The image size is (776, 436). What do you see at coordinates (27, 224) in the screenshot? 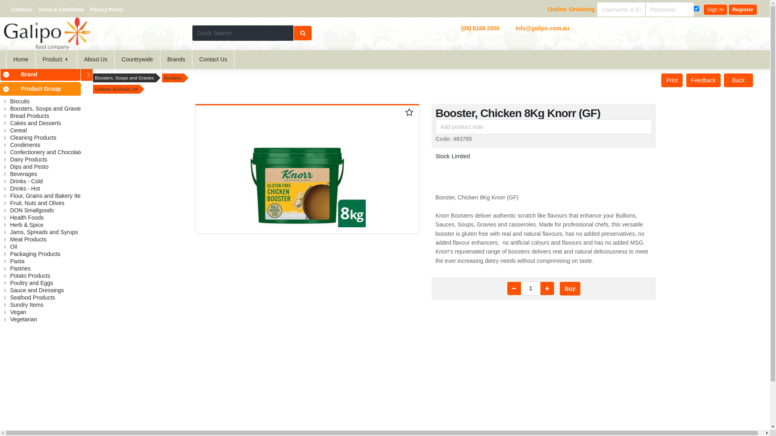
I see `'Herb & Spice'` at bounding box center [27, 224].